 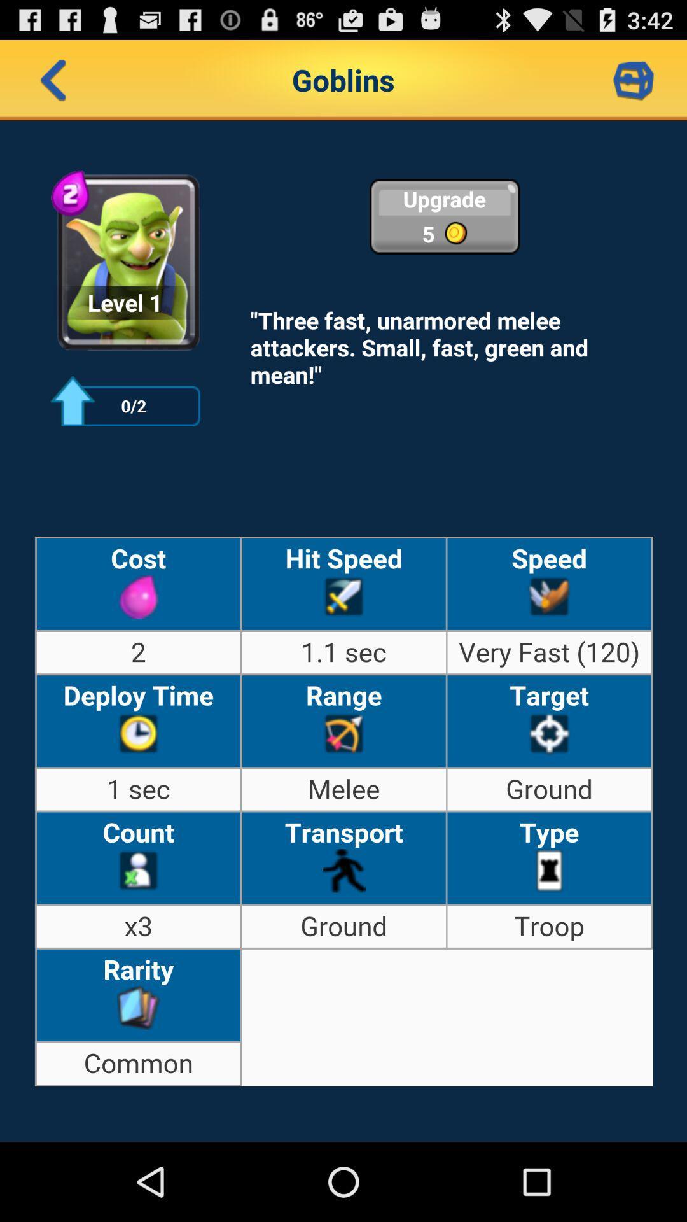 I want to click on back button, so click(x=53, y=79).